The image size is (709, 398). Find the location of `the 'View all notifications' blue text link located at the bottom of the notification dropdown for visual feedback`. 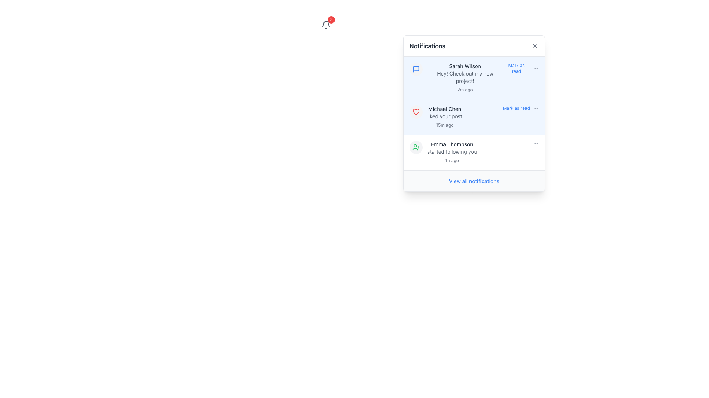

the 'View all notifications' blue text link located at the bottom of the notification dropdown for visual feedback is located at coordinates (474, 180).